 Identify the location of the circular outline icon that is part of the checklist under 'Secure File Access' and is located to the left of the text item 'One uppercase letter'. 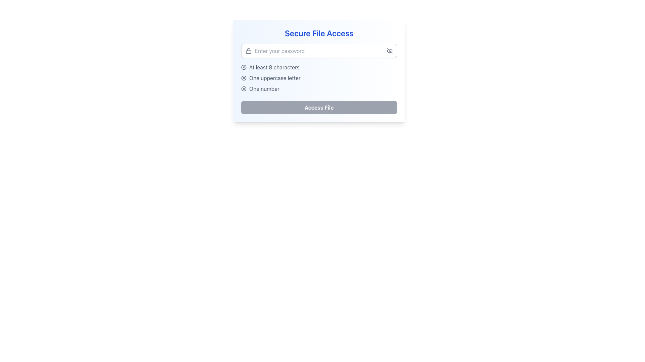
(243, 77).